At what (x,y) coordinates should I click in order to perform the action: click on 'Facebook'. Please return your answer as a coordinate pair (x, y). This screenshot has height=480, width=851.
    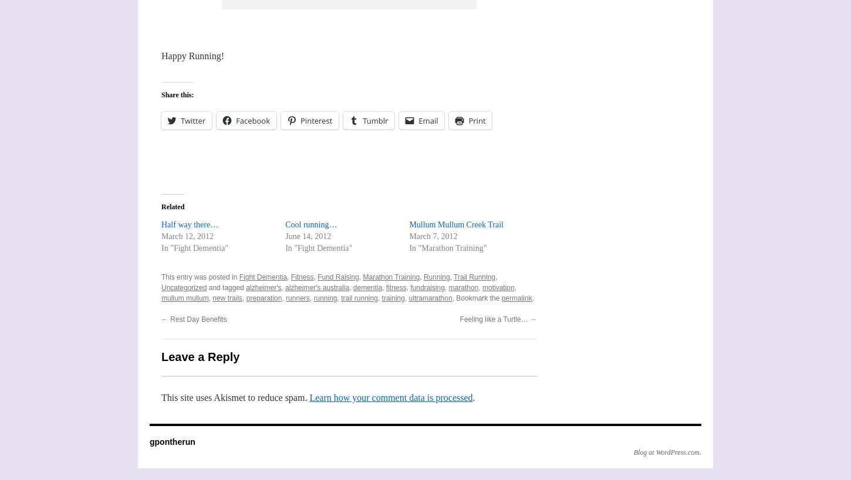
    Looking at the image, I should click on (252, 120).